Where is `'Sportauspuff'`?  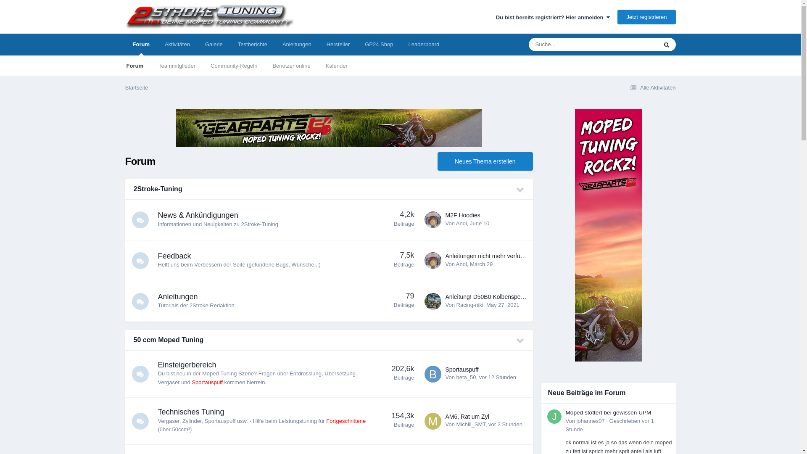 'Sportauspuff' is located at coordinates (462, 369).